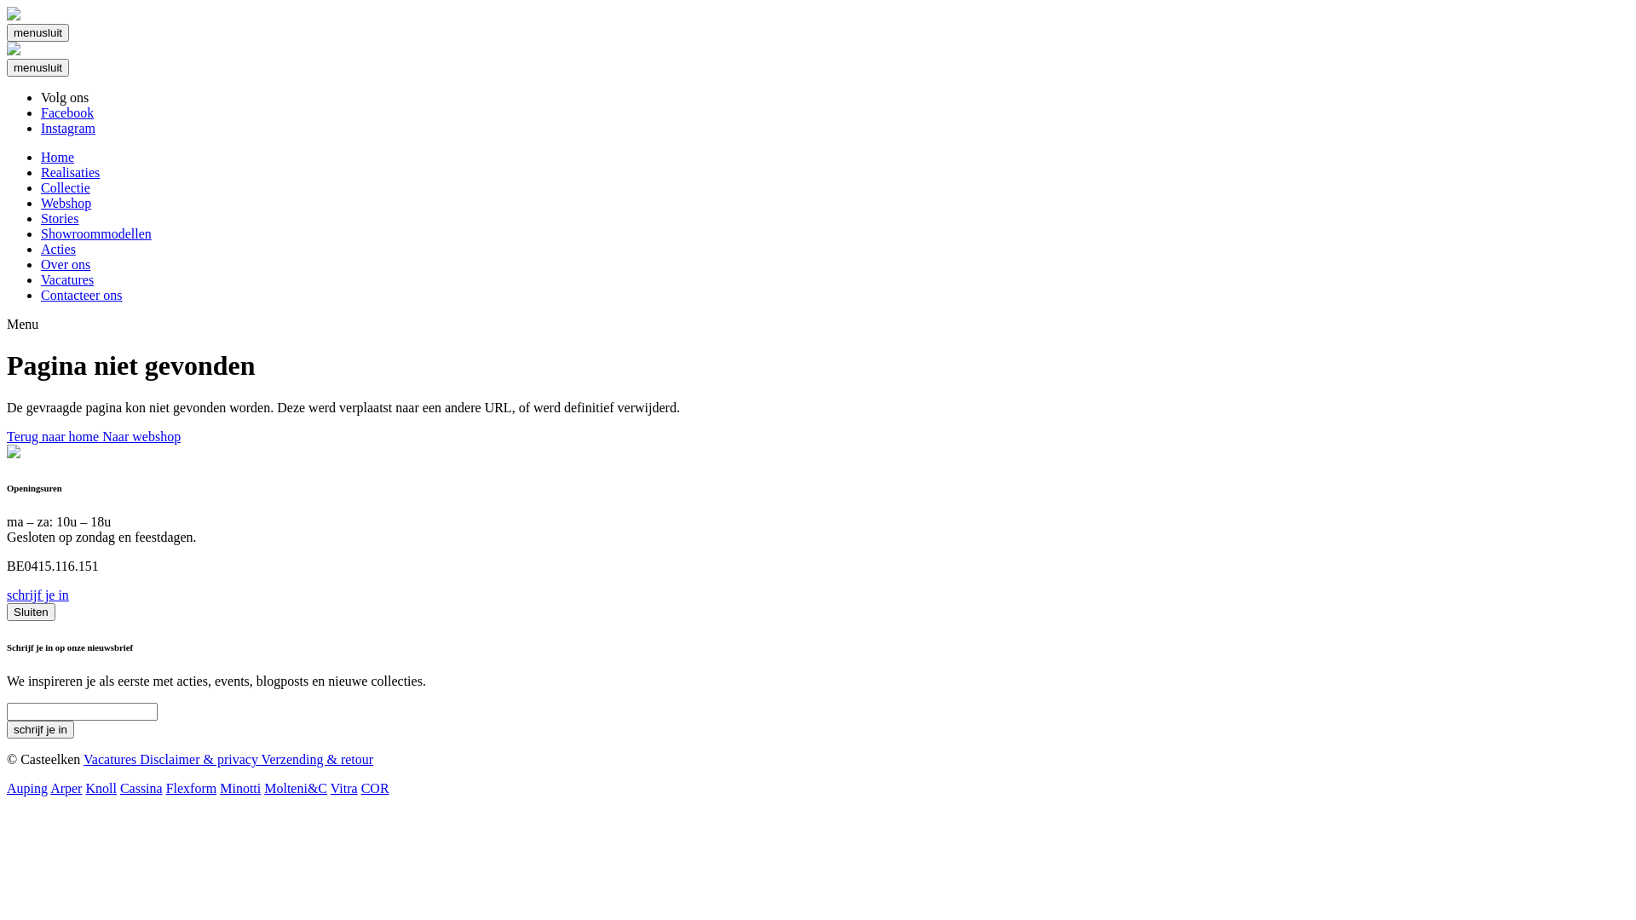  What do you see at coordinates (27, 788) in the screenshot?
I see `'Auping'` at bounding box center [27, 788].